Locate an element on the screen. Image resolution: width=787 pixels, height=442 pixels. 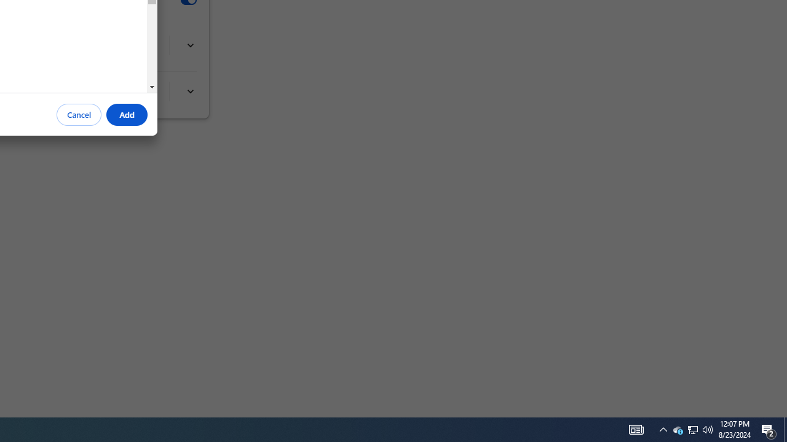
'Cancel' is located at coordinates (79, 115).